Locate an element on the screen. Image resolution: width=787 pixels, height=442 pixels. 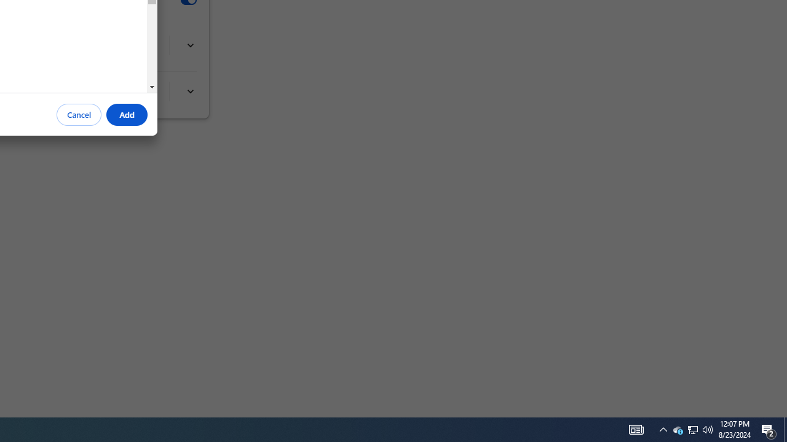
'Cancel' is located at coordinates (79, 115).